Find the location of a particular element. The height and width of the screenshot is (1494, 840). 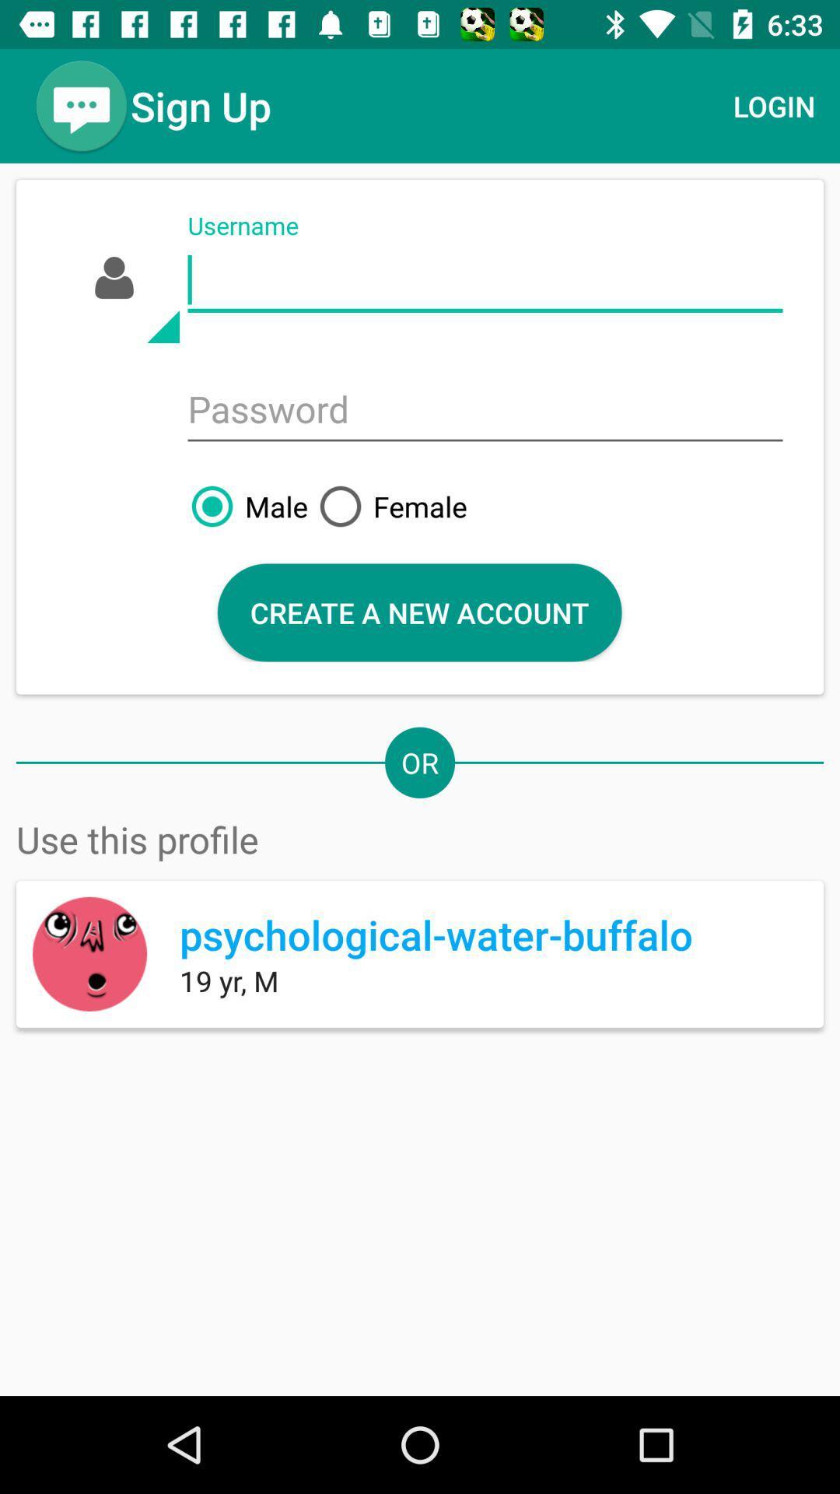

user password is located at coordinates (485, 411).